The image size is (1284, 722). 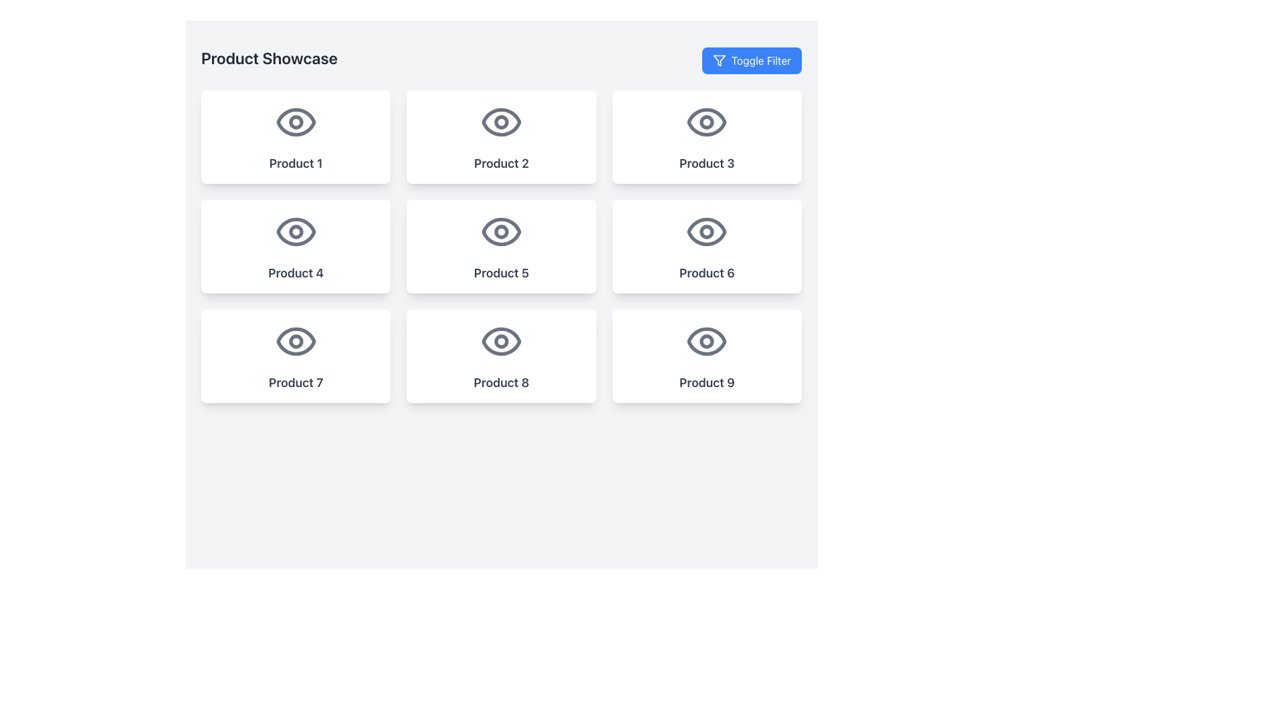 What do you see at coordinates (295, 163) in the screenshot?
I see `the text label displaying 'Product 1' with a bold font style and a dark gray color, located at the bottom center of the card for Product 1` at bounding box center [295, 163].